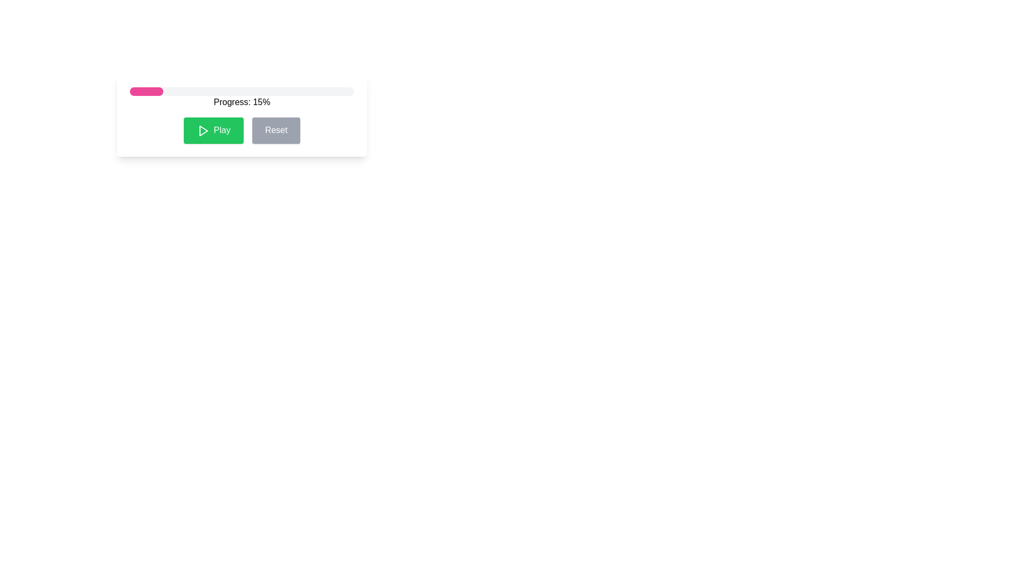  What do you see at coordinates (203, 130) in the screenshot?
I see `the triangular play icon with a green stroke, which is part of the 'Play' button` at bounding box center [203, 130].